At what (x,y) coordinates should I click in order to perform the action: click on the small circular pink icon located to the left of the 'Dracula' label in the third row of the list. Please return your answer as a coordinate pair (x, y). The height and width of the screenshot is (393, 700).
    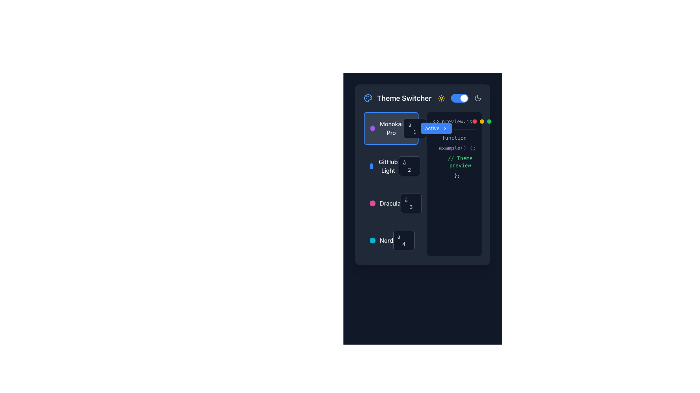
    Looking at the image, I should click on (373, 203).